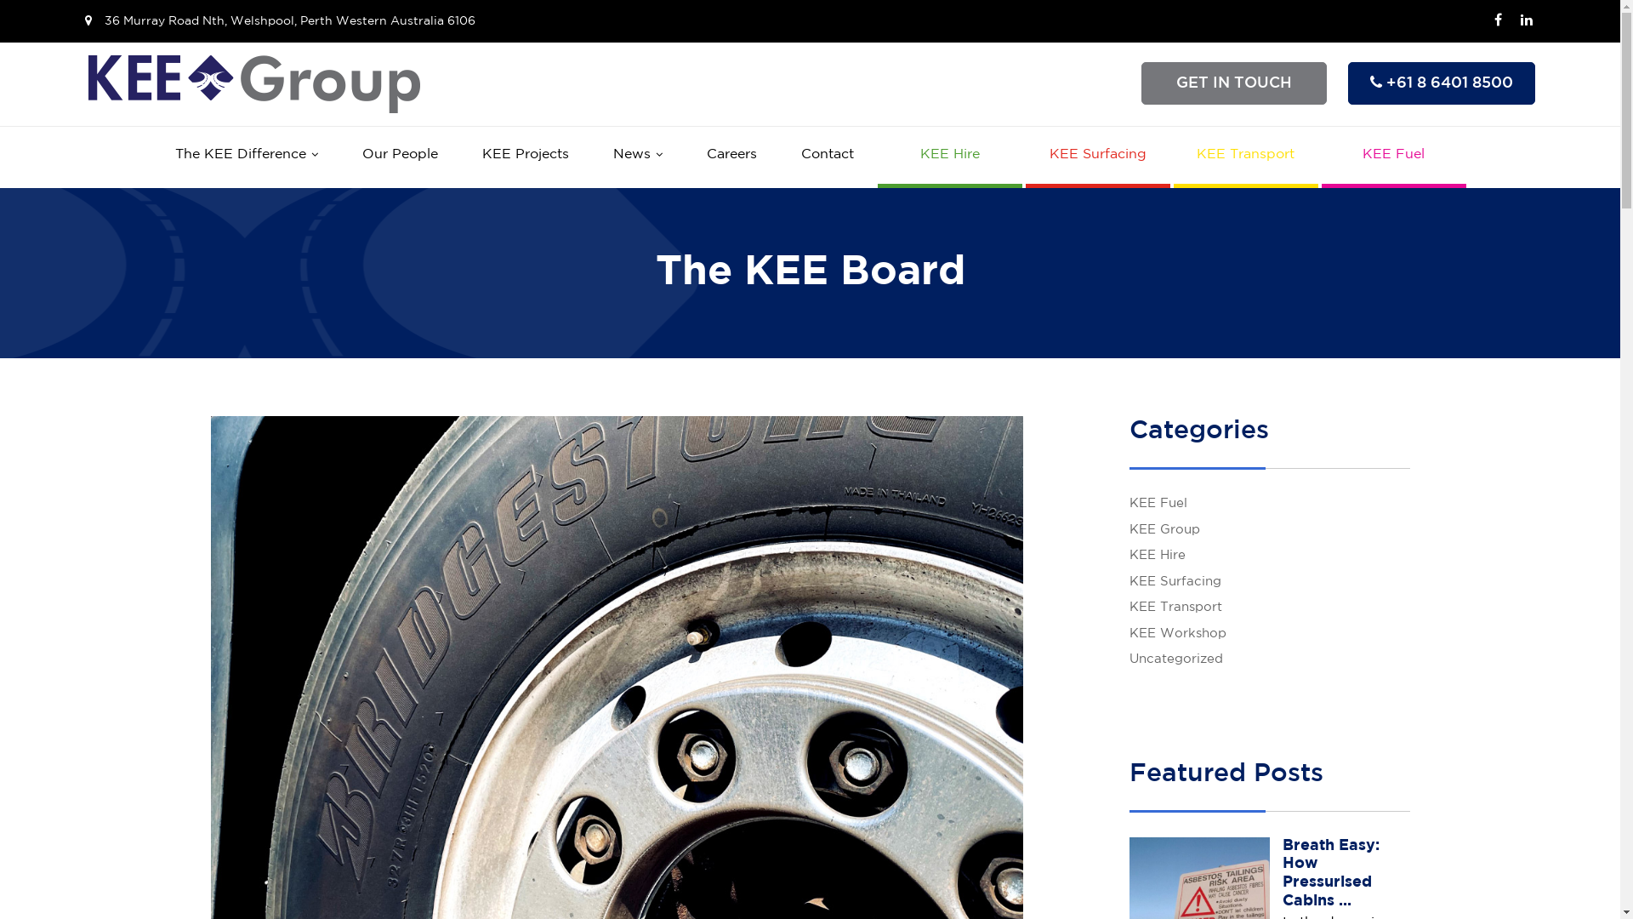  I want to click on 'KEE Surfacing', so click(1175, 580).